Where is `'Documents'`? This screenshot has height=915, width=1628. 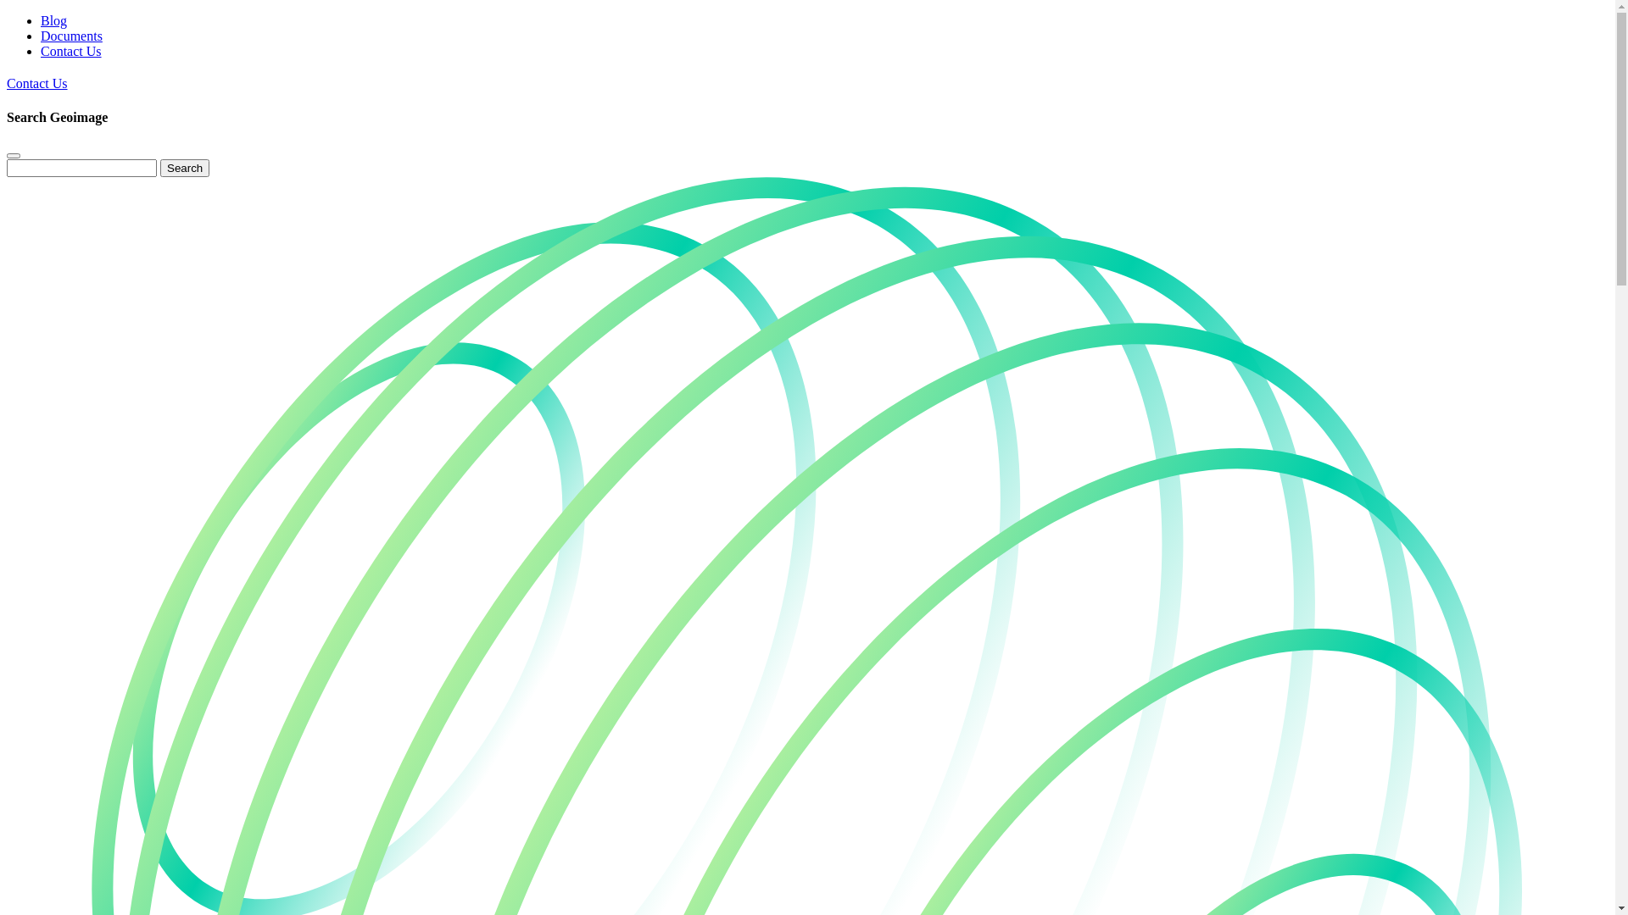
'Documents' is located at coordinates (70, 36).